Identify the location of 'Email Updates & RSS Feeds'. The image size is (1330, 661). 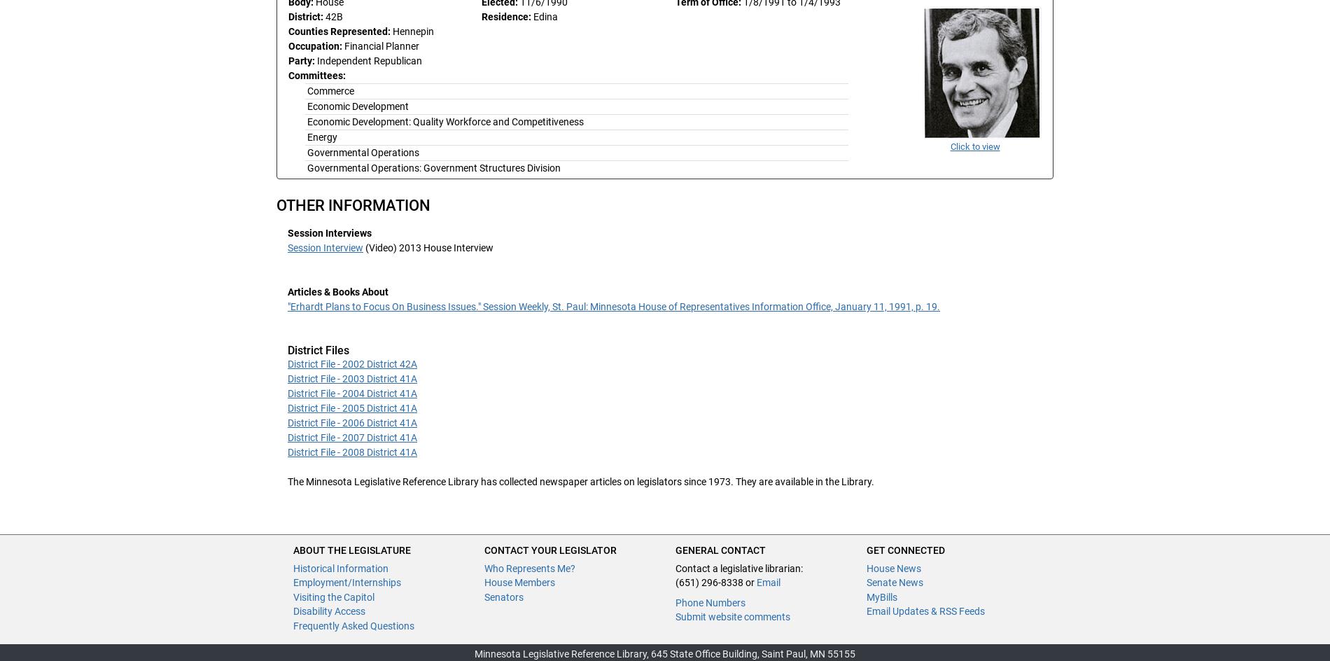
(925, 611).